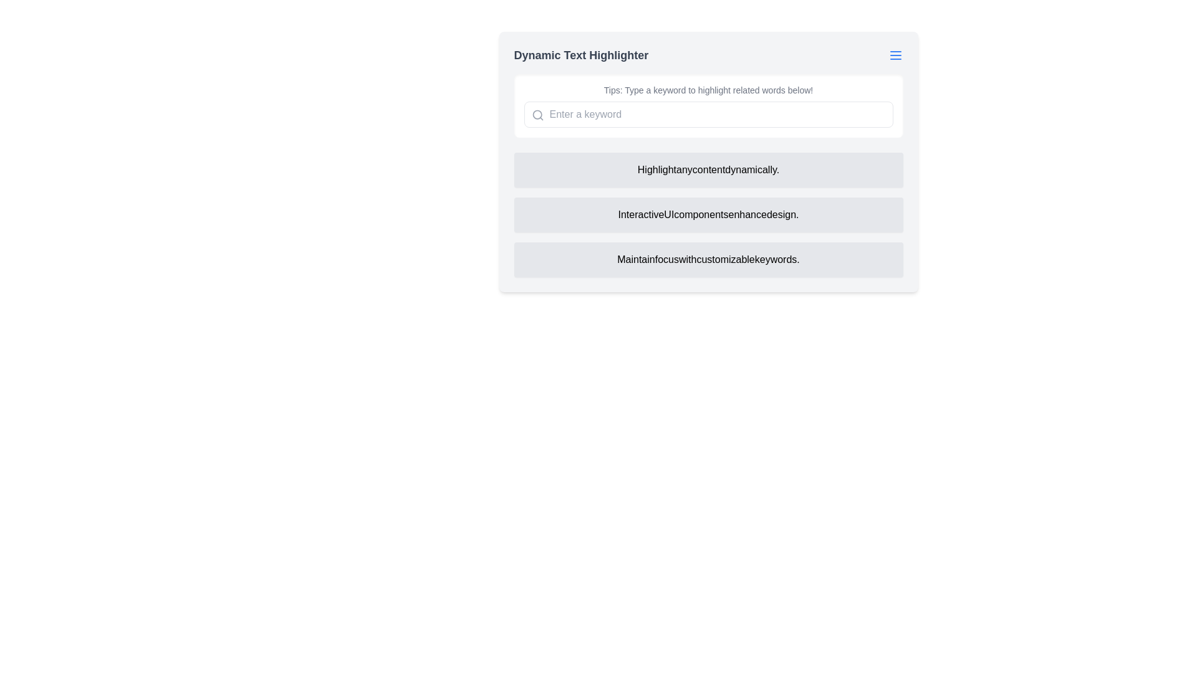  What do you see at coordinates (668, 214) in the screenshot?
I see `the static plain text element that follows 'Interactive' and precedes 'components' in the interface's description, located on the second row of three rows` at bounding box center [668, 214].